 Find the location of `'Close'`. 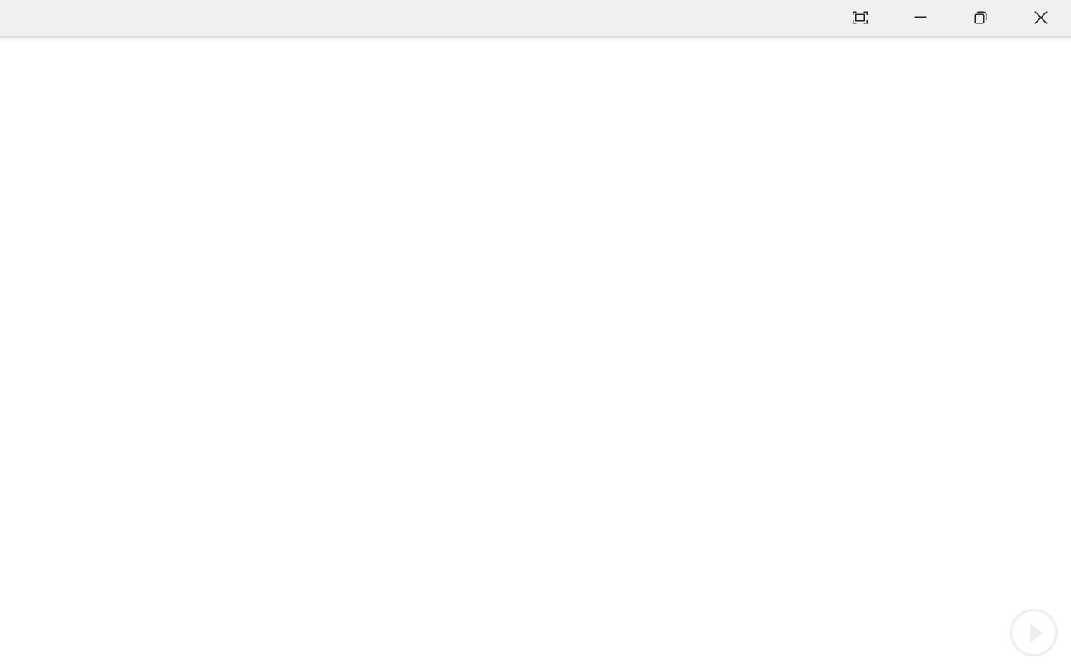

'Close' is located at coordinates (1040, 18).